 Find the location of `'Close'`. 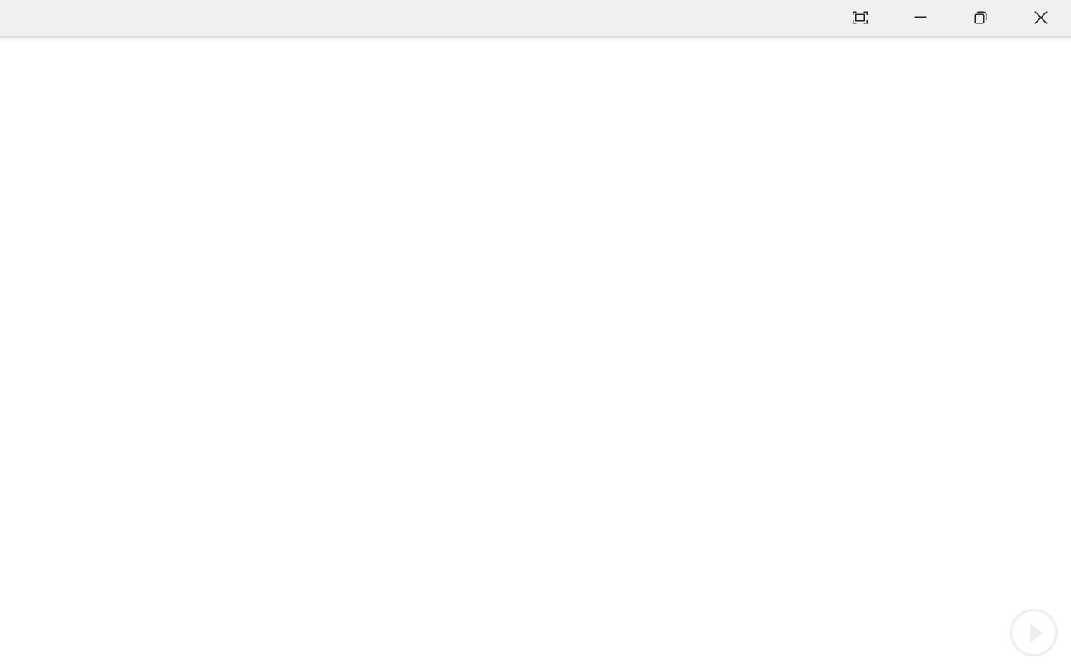

'Close' is located at coordinates (1040, 18).